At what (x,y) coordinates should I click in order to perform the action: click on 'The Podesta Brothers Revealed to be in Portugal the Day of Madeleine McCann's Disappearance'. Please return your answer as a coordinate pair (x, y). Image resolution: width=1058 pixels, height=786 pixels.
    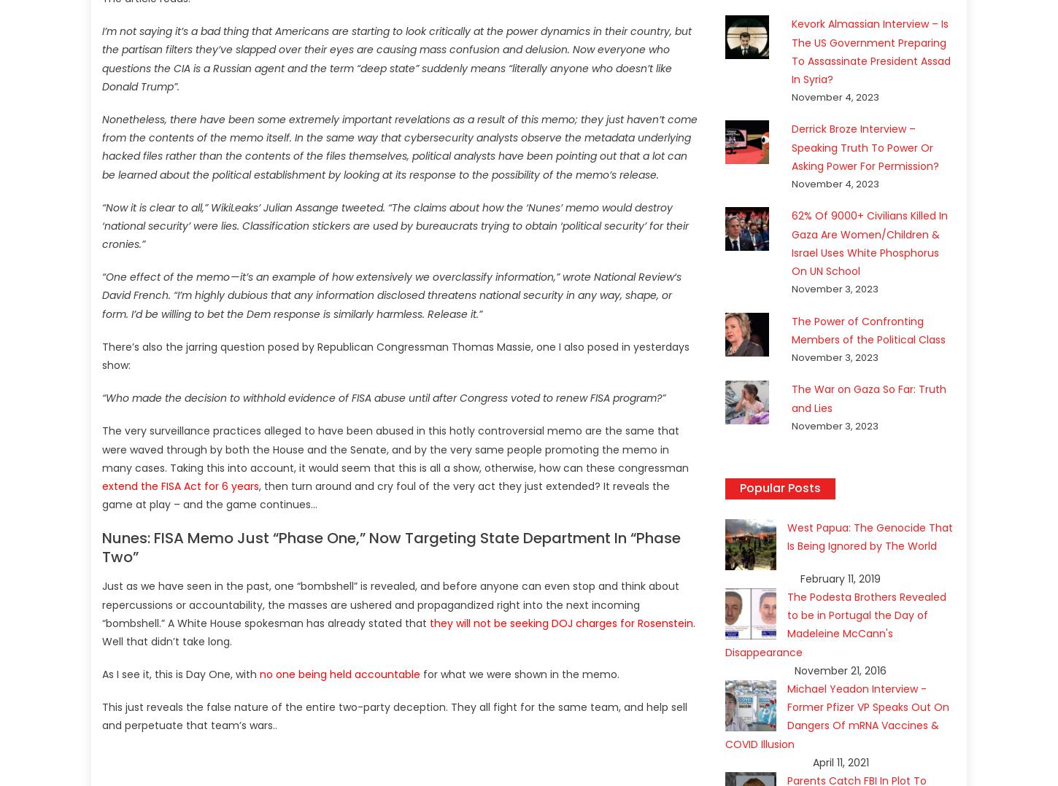
    Looking at the image, I should click on (835, 623).